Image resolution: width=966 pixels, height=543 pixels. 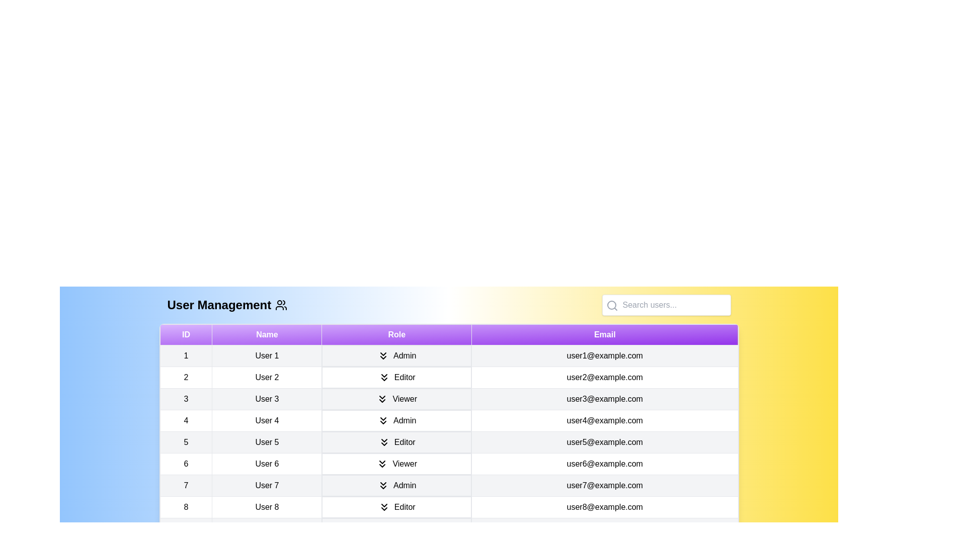 What do you see at coordinates (281, 304) in the screenshot?
I see `the user_management icon to trigger its interaction` at bounding box center [281, 304].